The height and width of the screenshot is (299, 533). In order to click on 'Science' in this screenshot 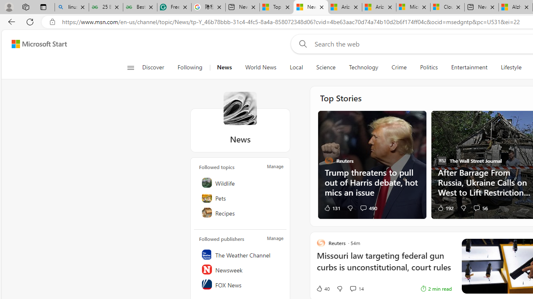, I will do `click(325, 67)`.